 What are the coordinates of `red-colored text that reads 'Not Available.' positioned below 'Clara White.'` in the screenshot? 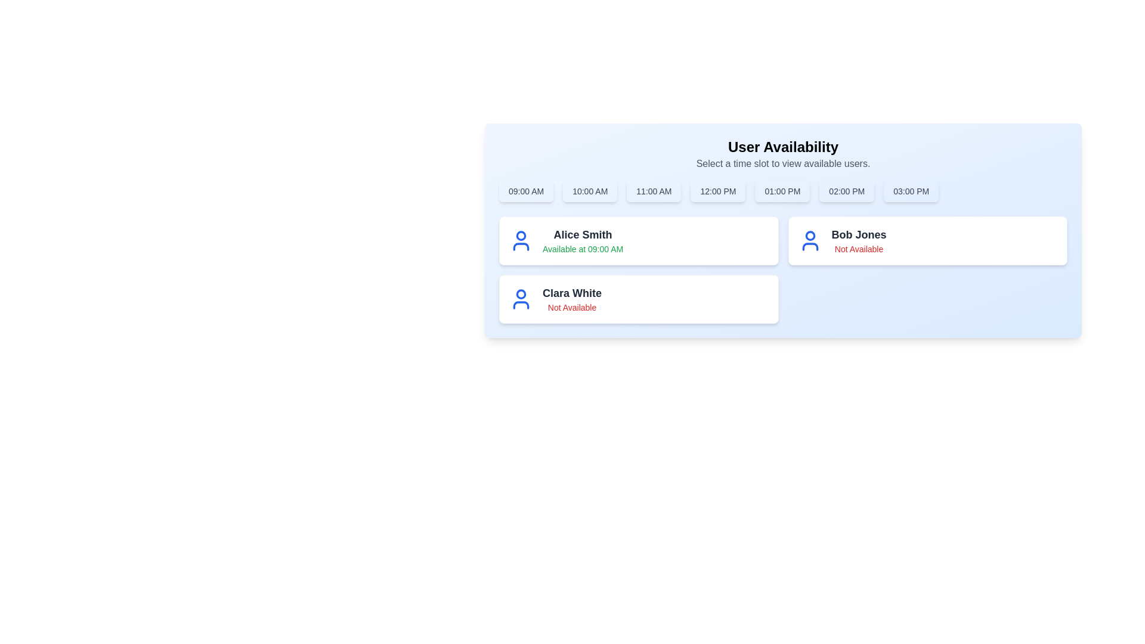 It's located at (571, 307).